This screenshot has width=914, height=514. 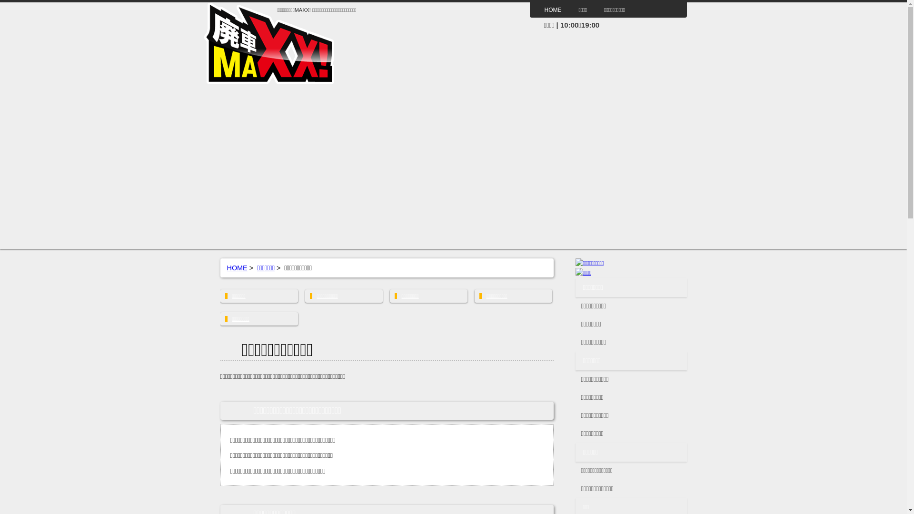 What do you see at coordinates (553, 10) in the screenshot?
I see `'HOME'` at bounding box center [553, 10].